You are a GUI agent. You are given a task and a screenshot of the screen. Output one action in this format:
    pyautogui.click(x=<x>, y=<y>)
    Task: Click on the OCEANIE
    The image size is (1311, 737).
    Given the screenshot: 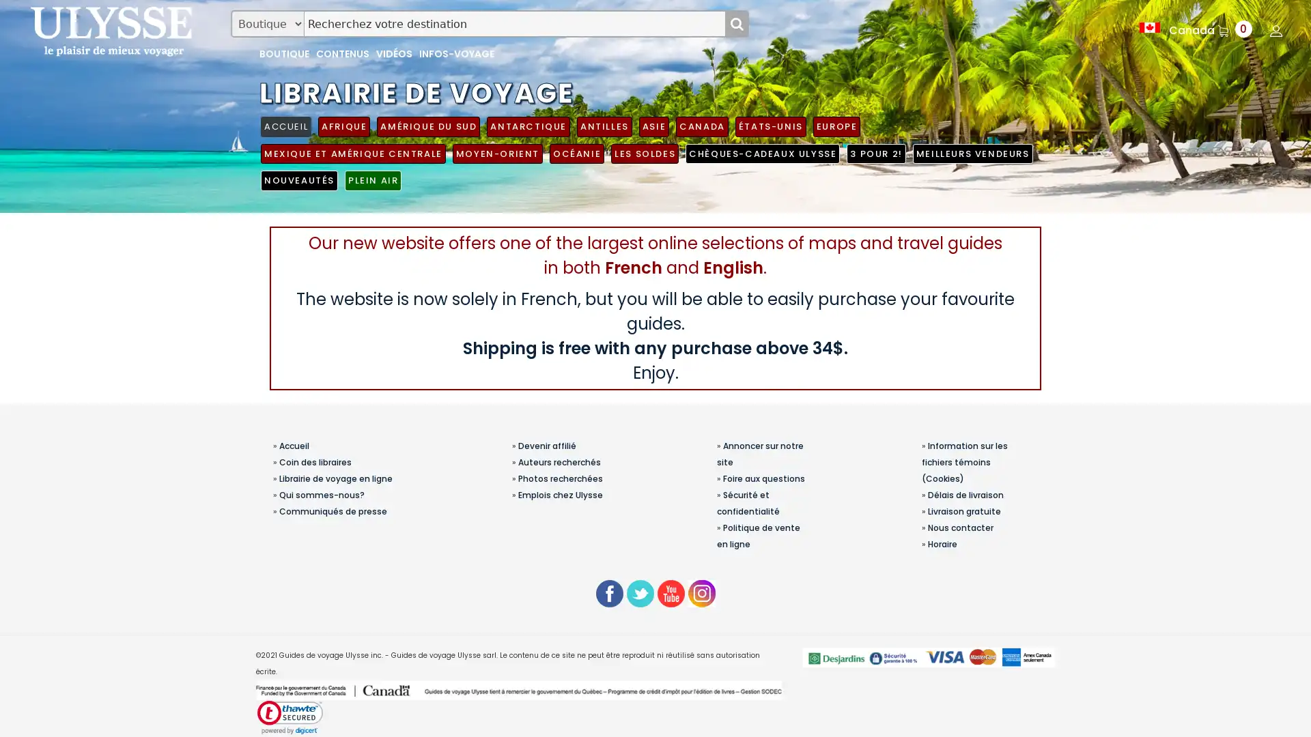 What is the action you would take?
    pyautogui.click(x=576, y=153)
    